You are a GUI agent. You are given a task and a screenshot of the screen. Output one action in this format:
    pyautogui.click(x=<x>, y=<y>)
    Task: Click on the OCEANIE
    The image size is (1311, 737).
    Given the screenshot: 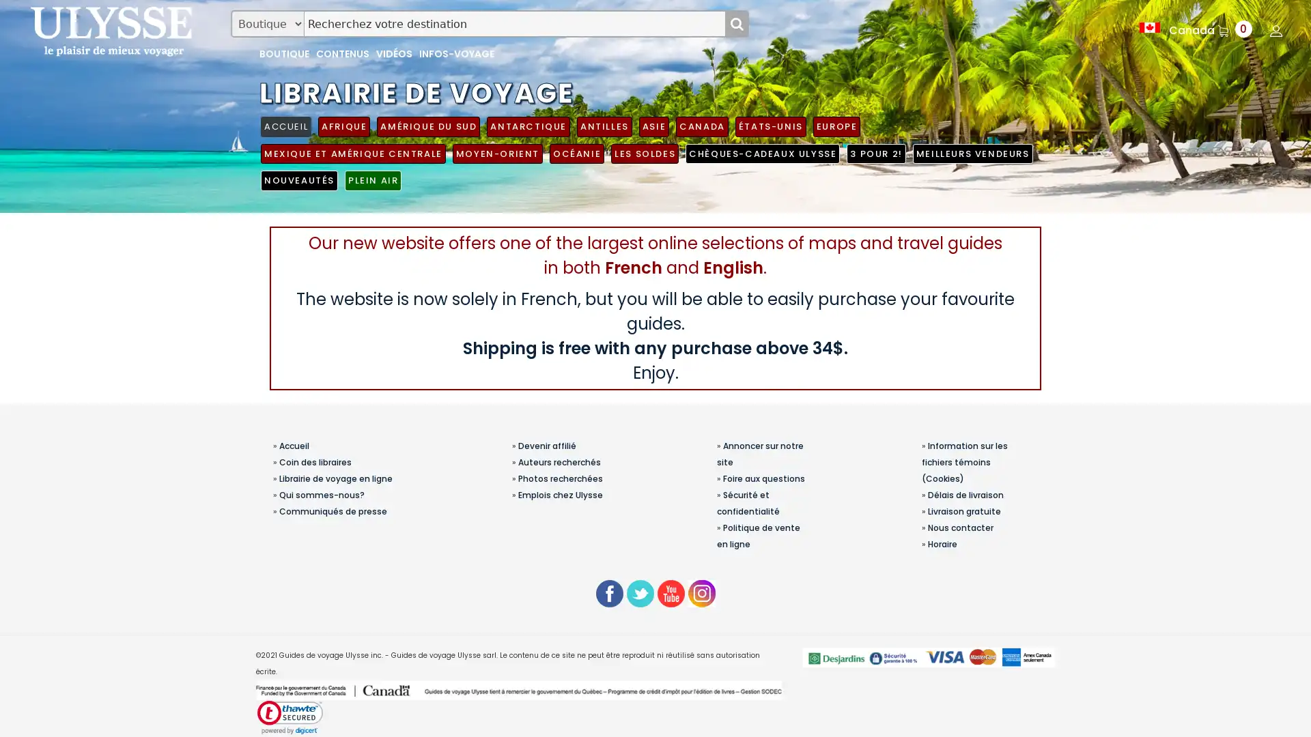 What is the action you would take?
    pyautogui.click(x=576, y=153)
    